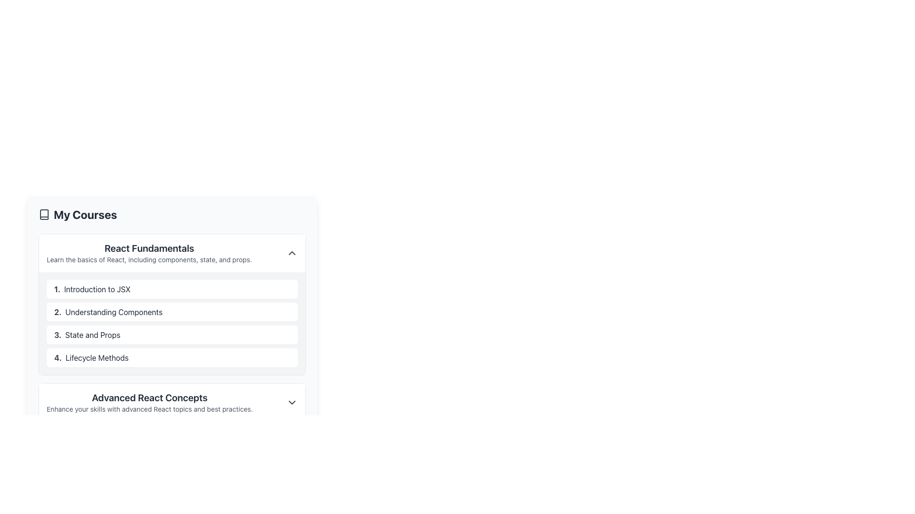 The height and width of the screenshot is (514, 915). Describe the element at coordinates (149, 398) in the screenshot. I see `the primary heading text that identifies the content or context of the section, which is positioned above a subtitle about advanced React topics` at that location.